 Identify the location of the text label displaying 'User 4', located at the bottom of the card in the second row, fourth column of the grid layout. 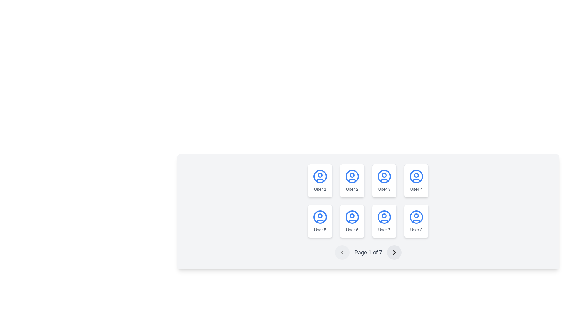
(416, 189).